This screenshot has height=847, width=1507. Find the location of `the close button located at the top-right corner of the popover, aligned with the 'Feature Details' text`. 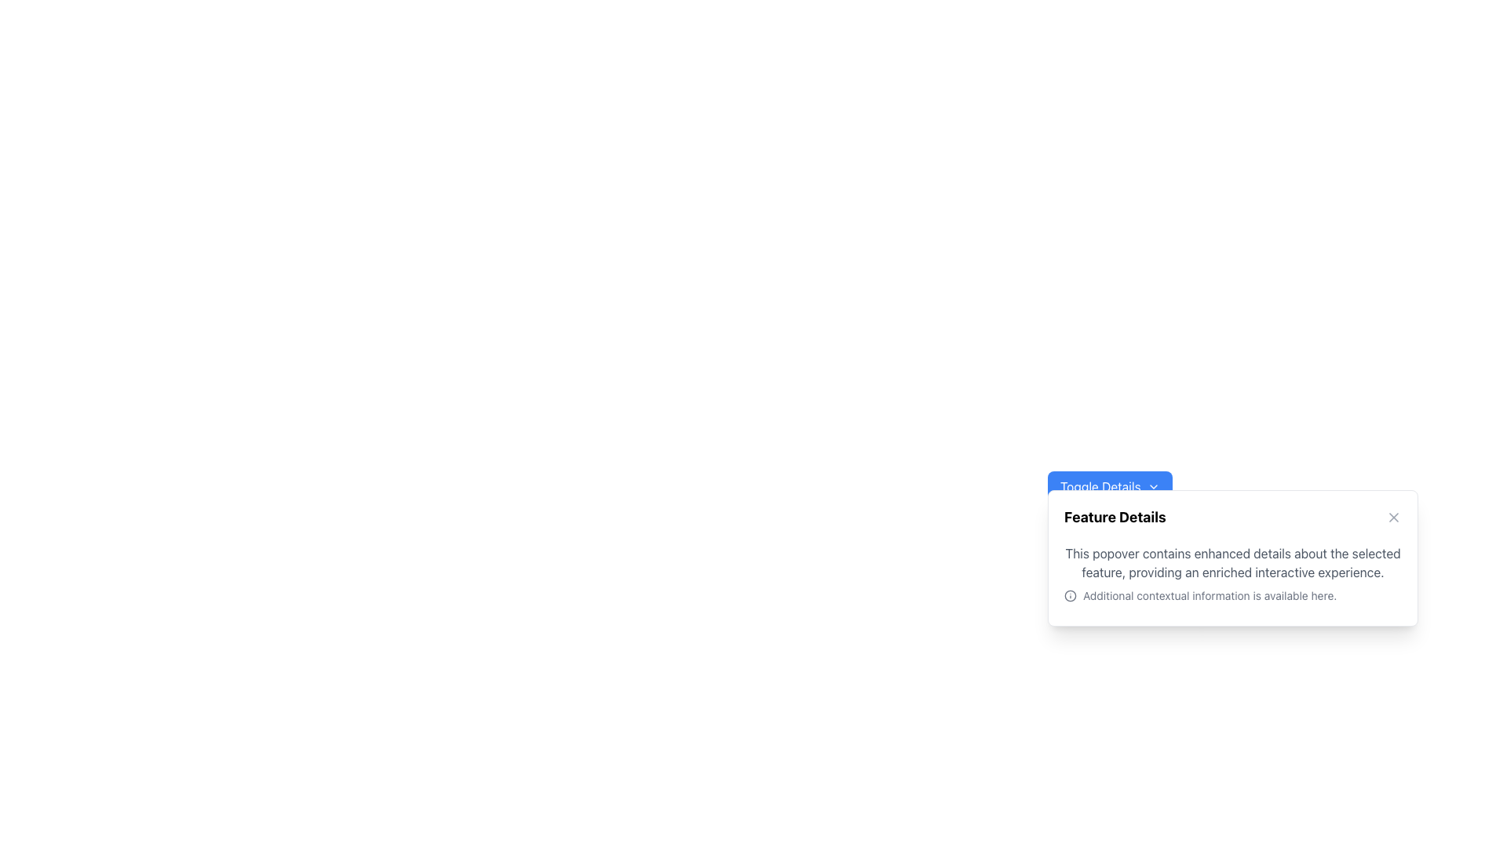

the close button located at the top-right corner of the popover, aligned with the 'Feature Details' text is located at coordinates (1394, 517).